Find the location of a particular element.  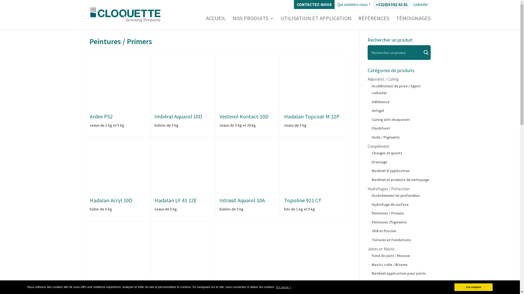

'LinkedIn' is located at coordinates (420, 4).